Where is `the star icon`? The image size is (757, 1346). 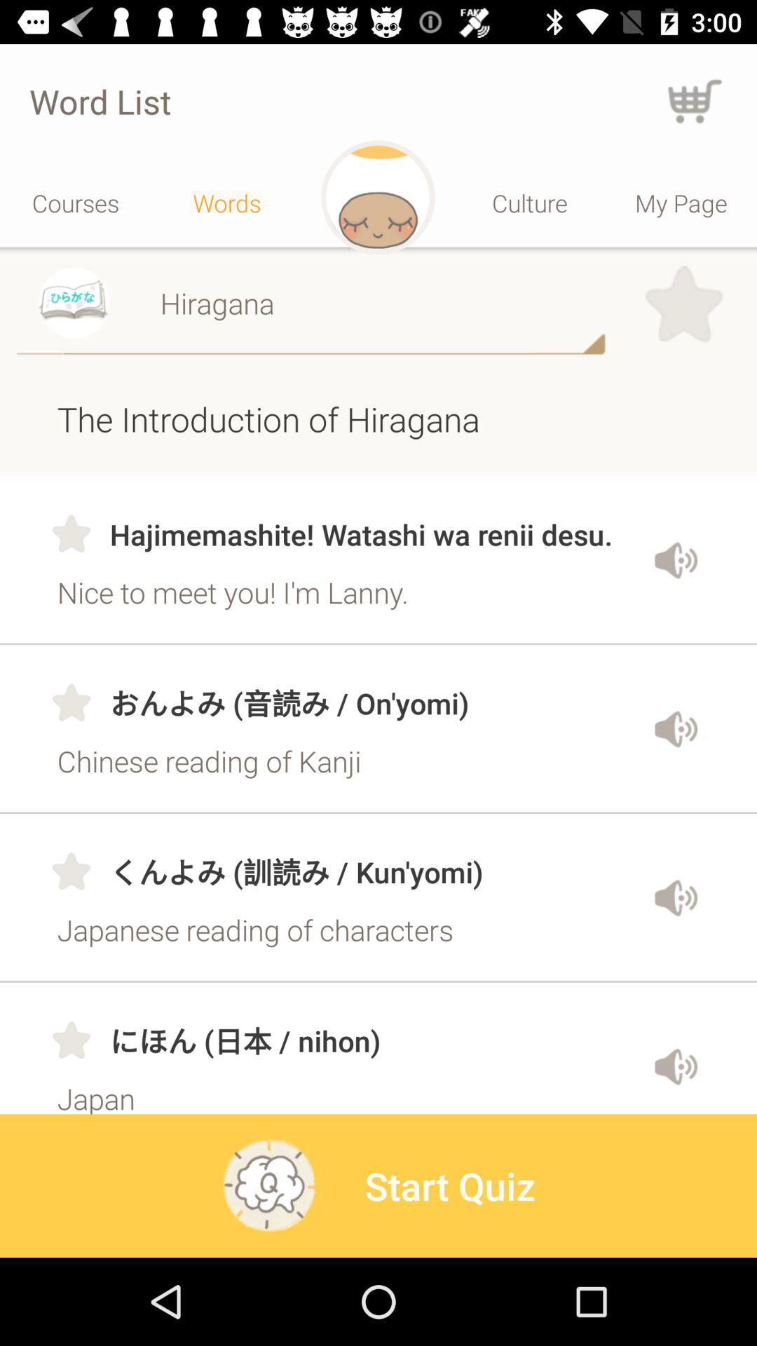
the star icon is located at coordinates (683, 304).